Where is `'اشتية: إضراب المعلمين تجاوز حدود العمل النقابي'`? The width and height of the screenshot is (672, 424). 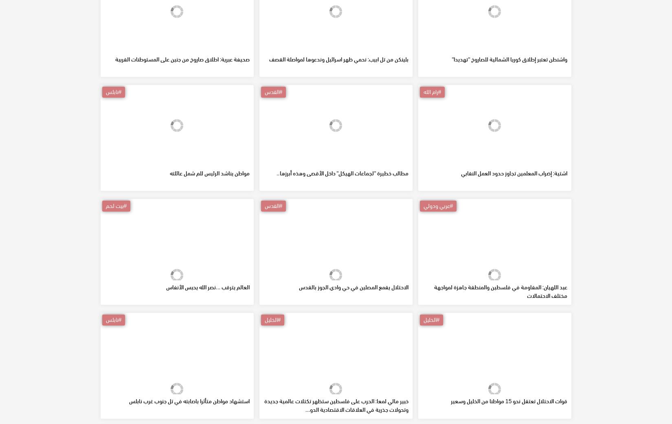 'اشتية: إضراب المعلمين تجاوز حدود العمل النقابي' is located at coordinates (513, 231).